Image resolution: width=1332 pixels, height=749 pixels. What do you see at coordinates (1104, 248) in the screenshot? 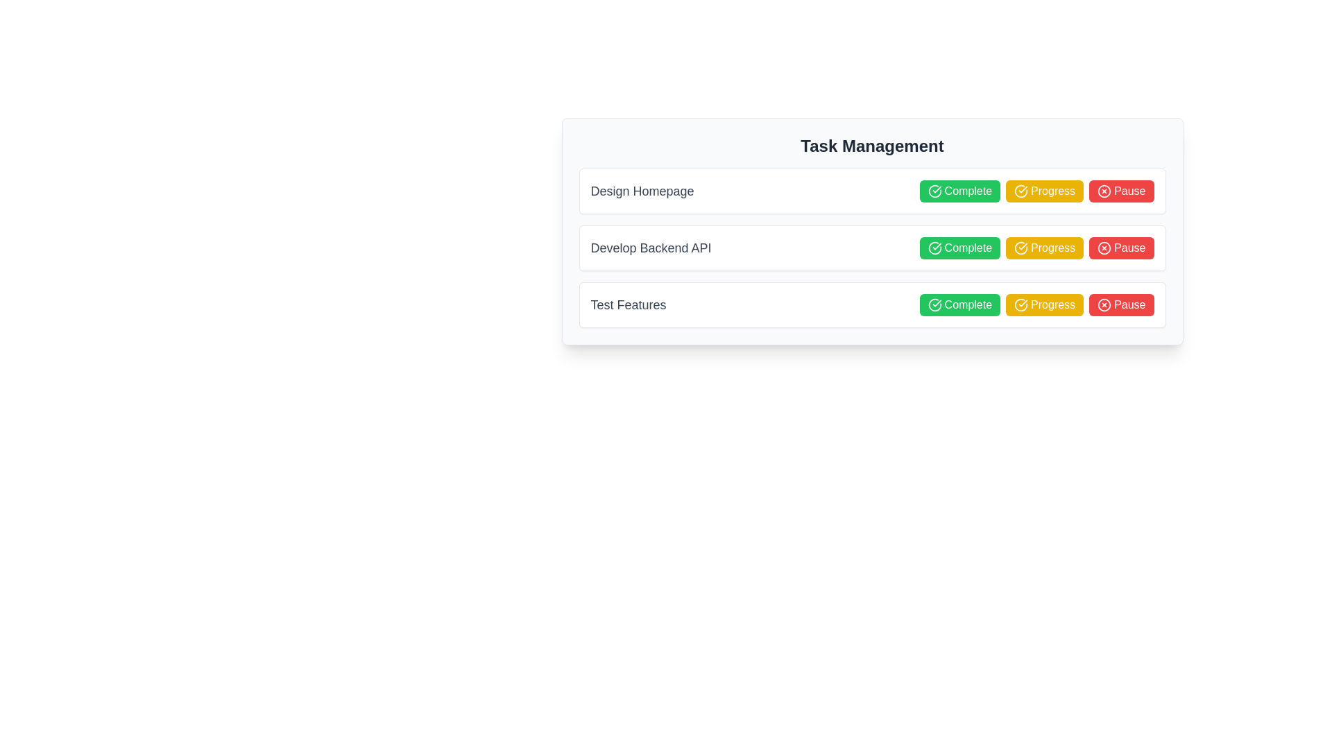
I see `the 'Pause' icon located in the rightmost segment of the button group in the bottom task row for task management` at bounding box center [1104, 248].